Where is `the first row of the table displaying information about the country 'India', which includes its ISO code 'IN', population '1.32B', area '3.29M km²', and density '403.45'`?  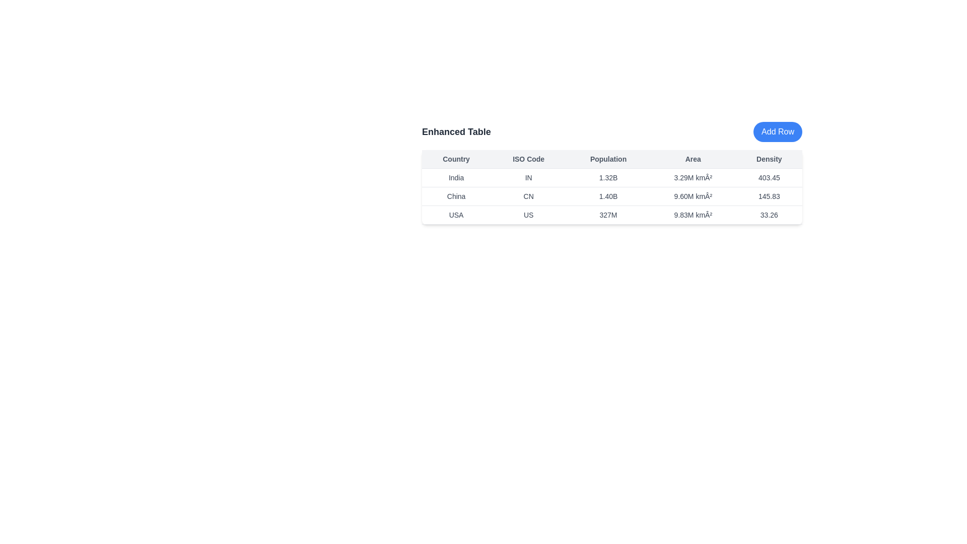
the first row of the table displaying information about the country 'India', which includes its ISO code 'IN', population '1.32B', area '3.29M km²', and density '403.45' is located at coordinates (611, 177).